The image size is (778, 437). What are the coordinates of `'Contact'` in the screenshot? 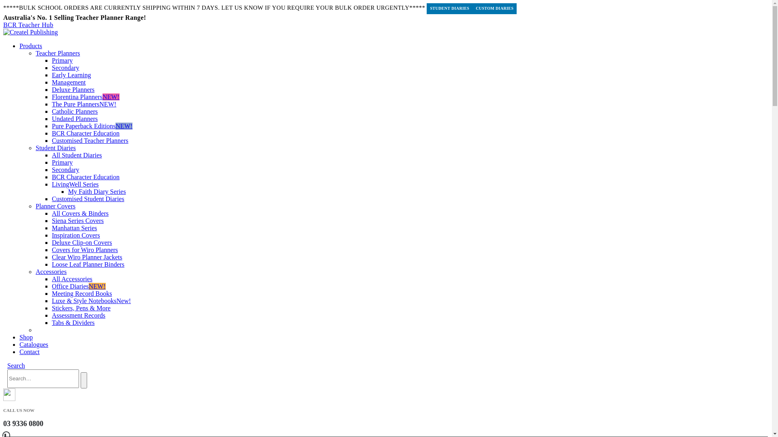 It's located at (29, 351).